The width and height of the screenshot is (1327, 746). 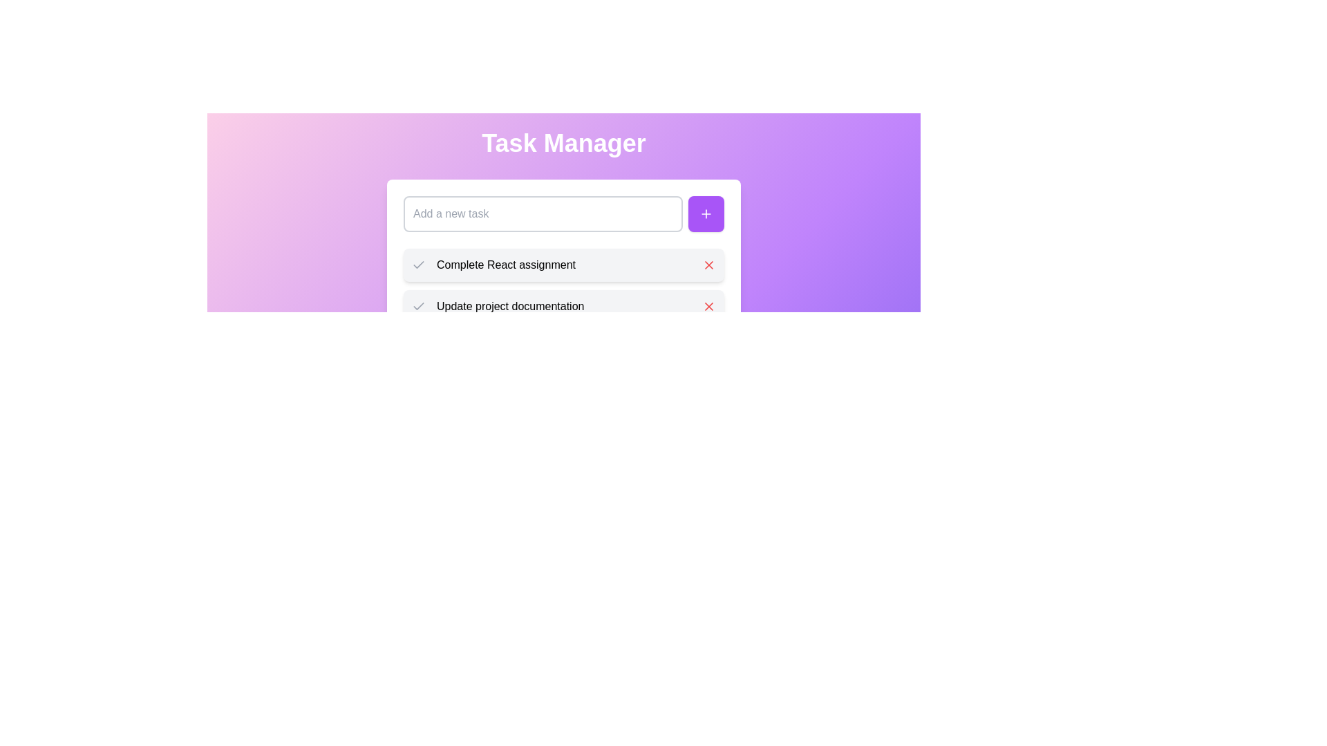 I want to click on the first 'X' icon in the task list next to the task titled 'Complete React assignment' for interaction purposes, so click(x=709, y=265).